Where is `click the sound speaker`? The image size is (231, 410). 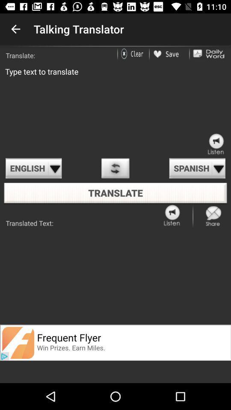
click the sound speaker is located at coordinates (216, 144).